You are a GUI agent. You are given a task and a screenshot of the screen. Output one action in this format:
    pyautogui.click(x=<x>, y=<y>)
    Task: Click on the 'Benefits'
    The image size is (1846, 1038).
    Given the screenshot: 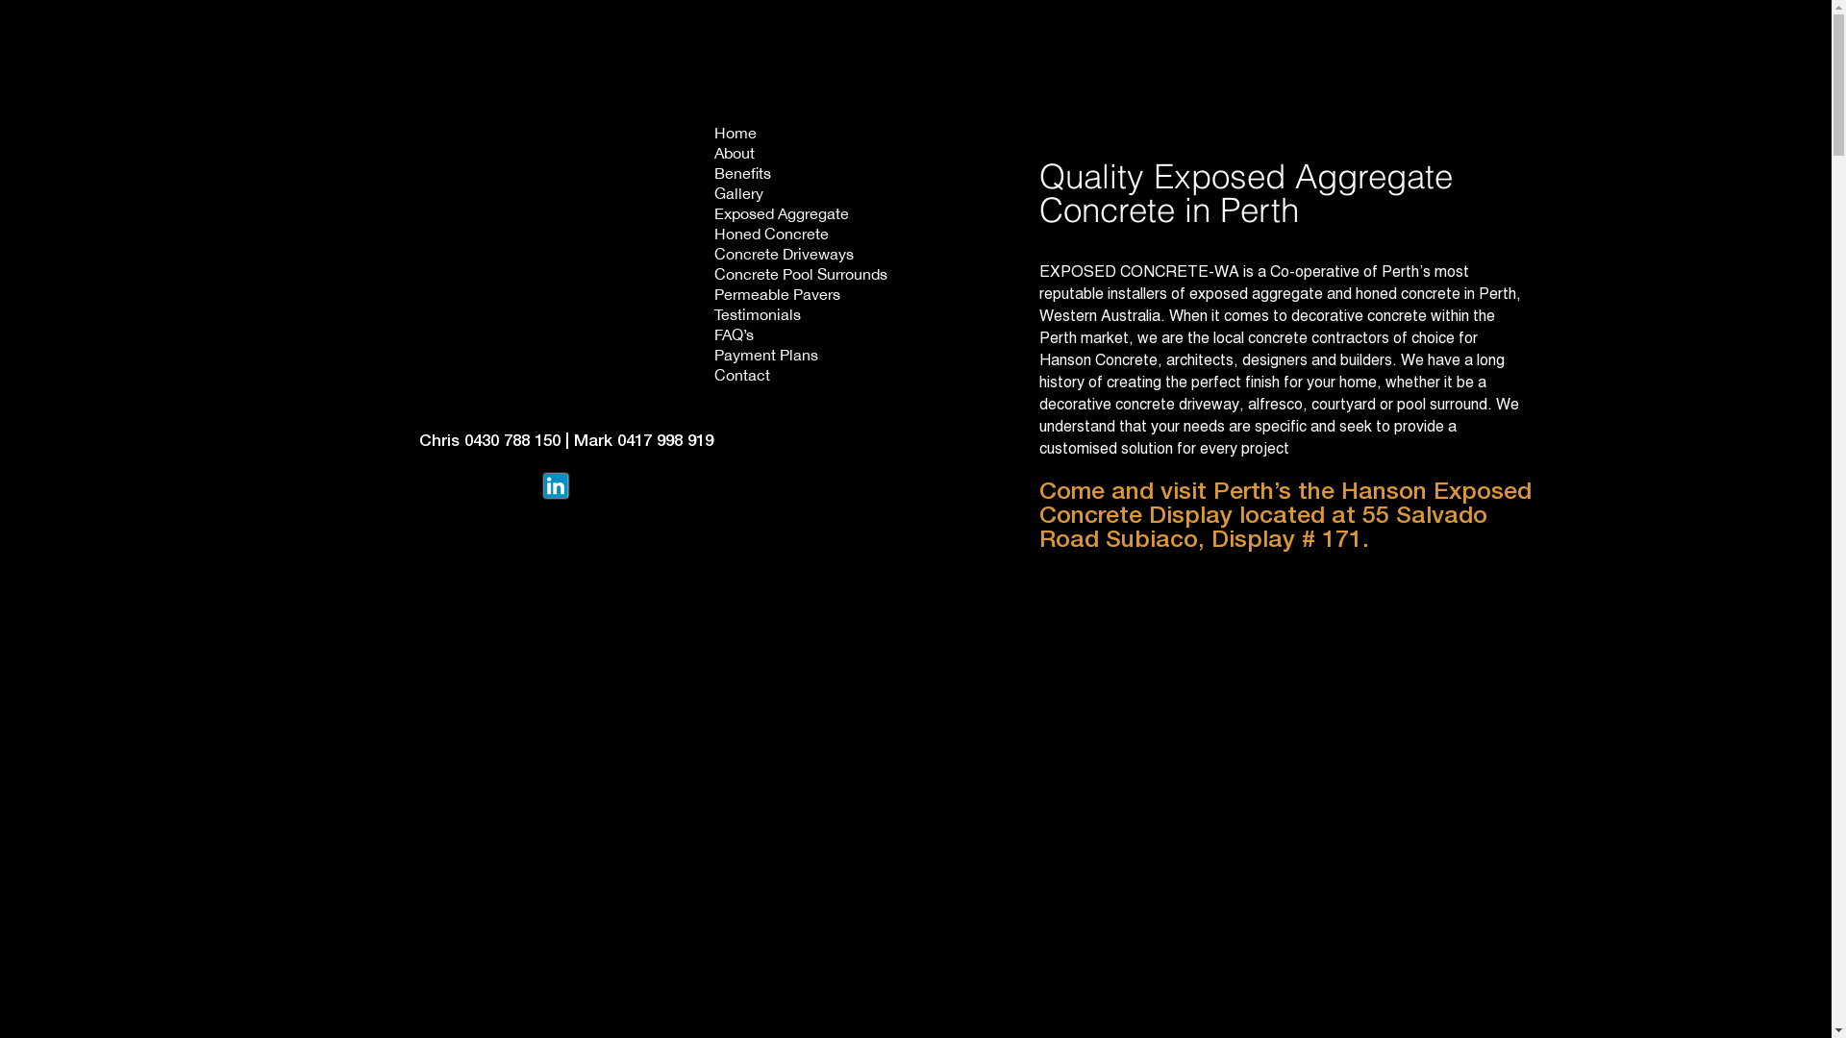 What is the action you would take?
    pyautogui.click(x=801, y=175)
    